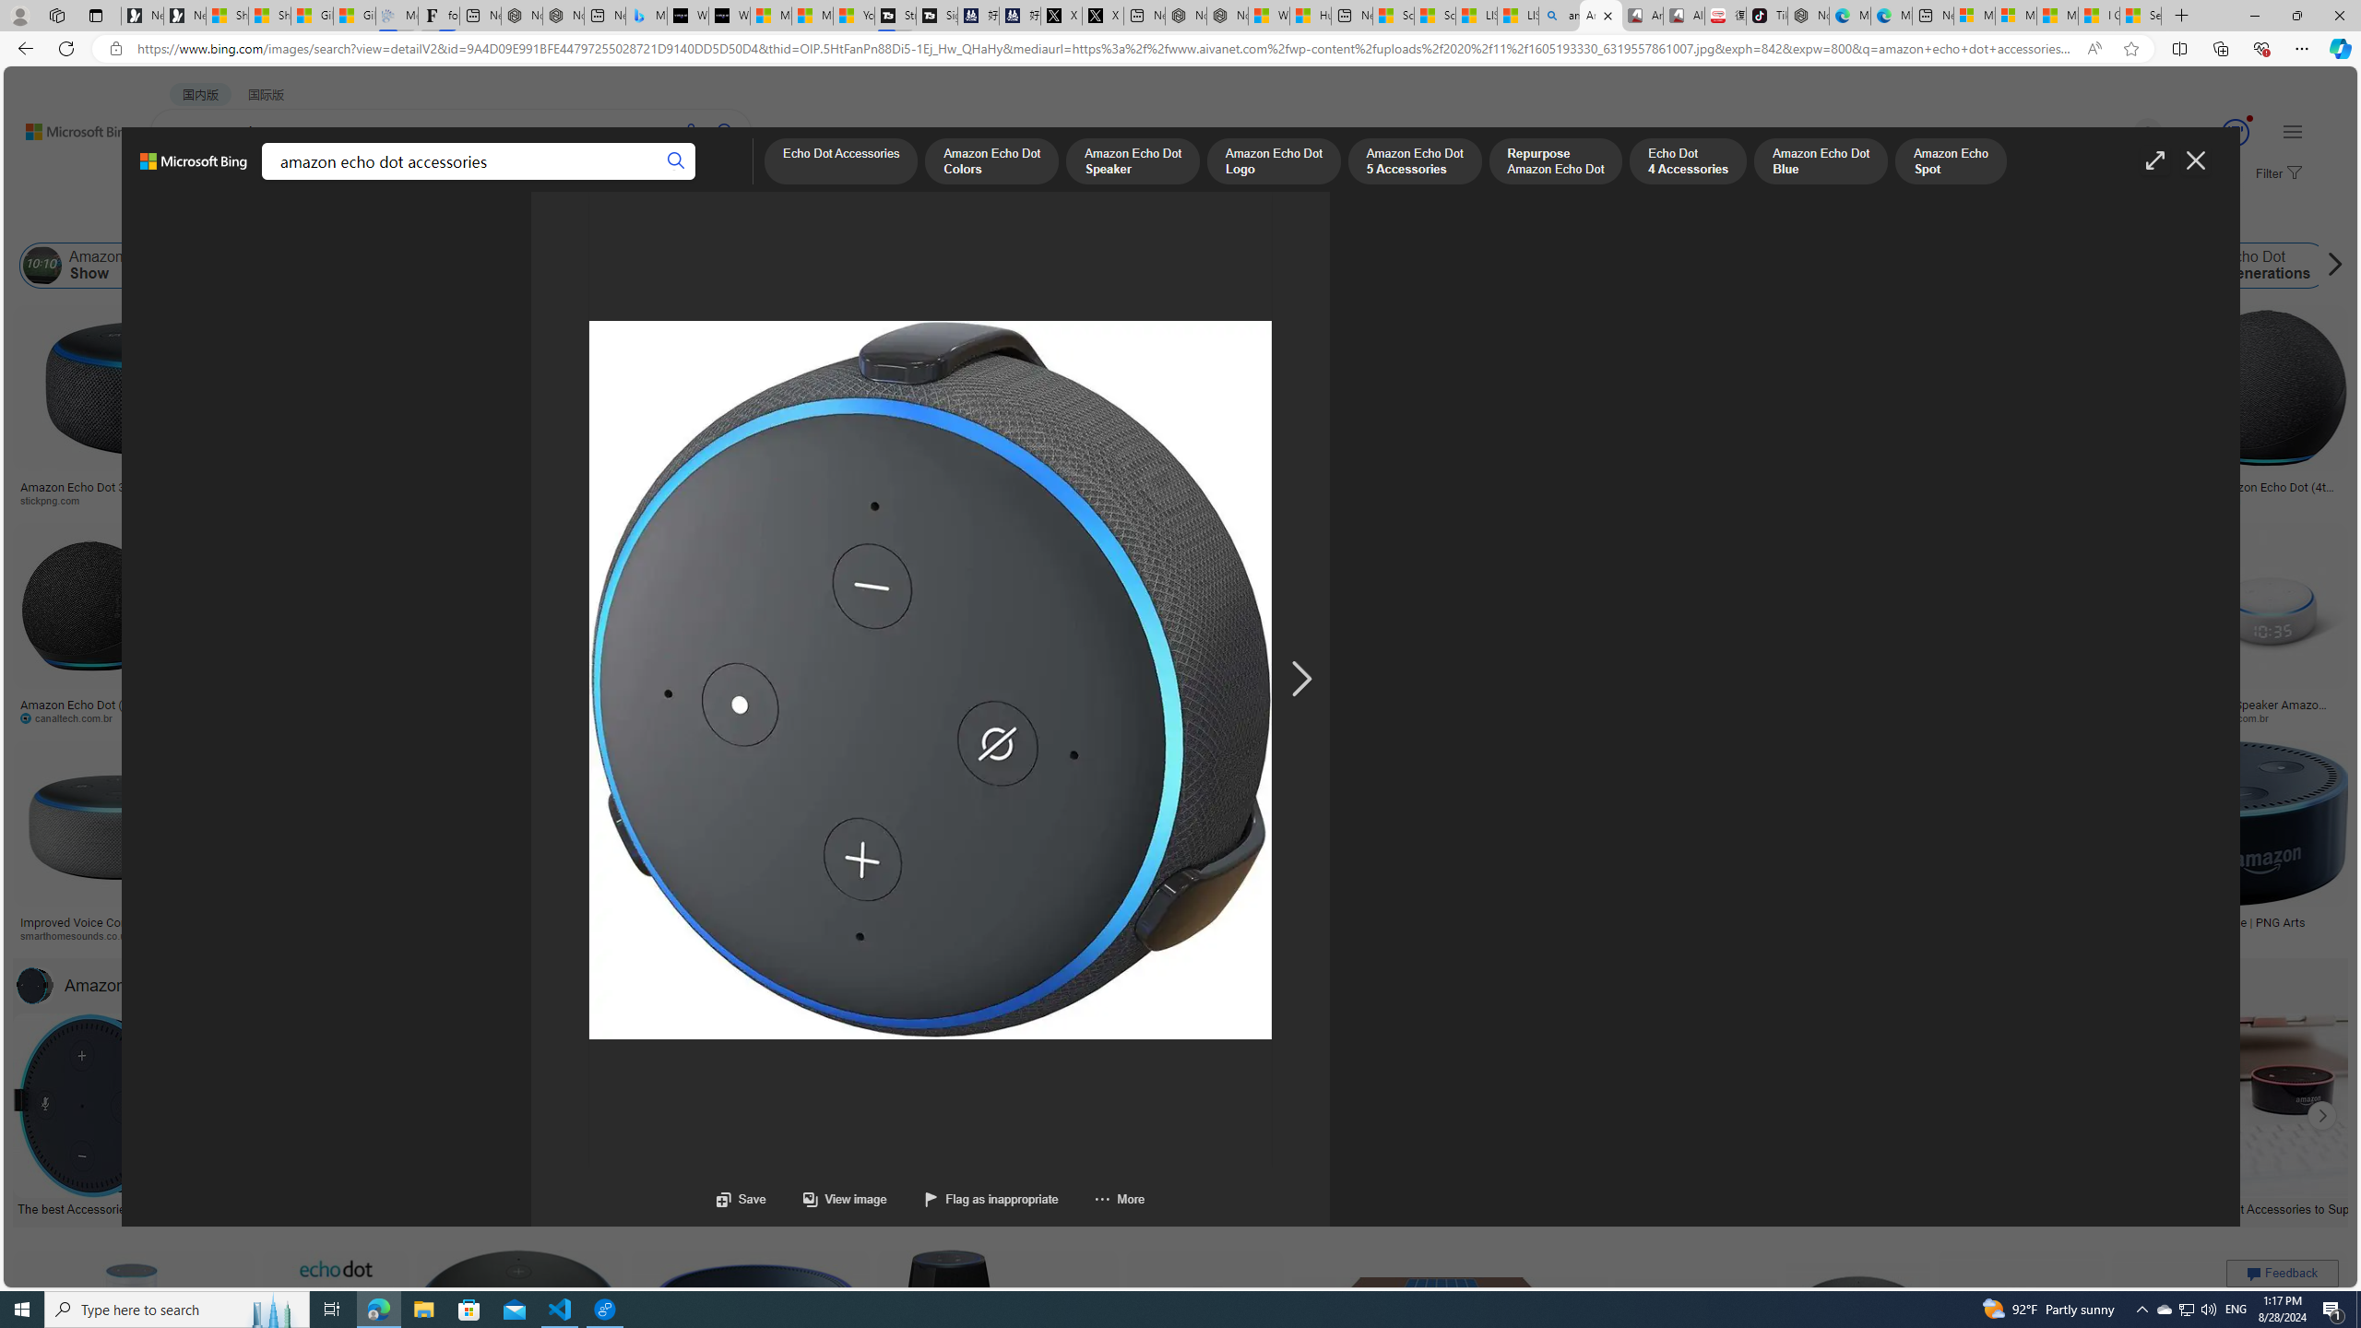 Image resolution: width=2361 pixels, height=1328 pixels. What do you see at coordinates (343, 219) in the screenshot?
I see `'Type'` at bounding box center [343, 219].